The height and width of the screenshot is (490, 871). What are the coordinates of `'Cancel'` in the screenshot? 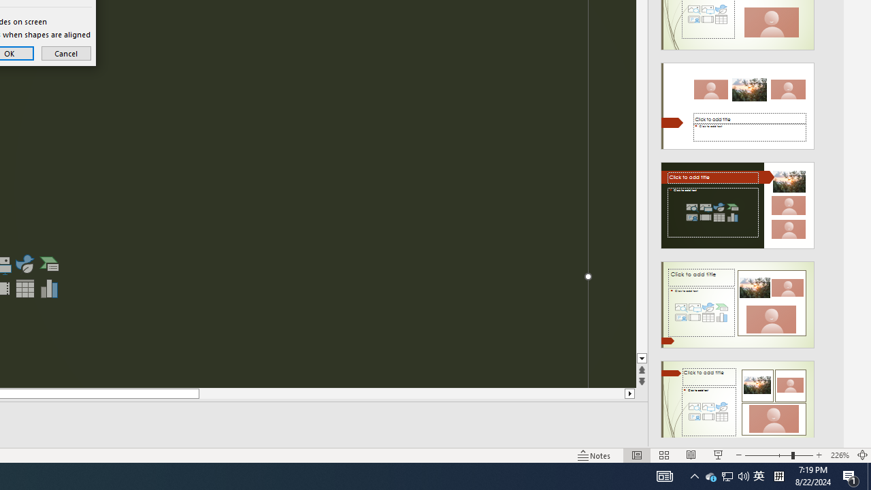 It's located at (65, 52).